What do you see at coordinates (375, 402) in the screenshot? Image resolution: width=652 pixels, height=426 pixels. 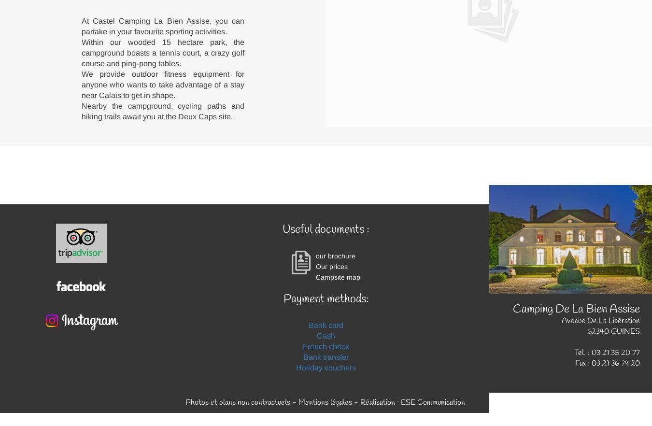 I see `'- Réalisation :'` at bounding box center [375, 402].